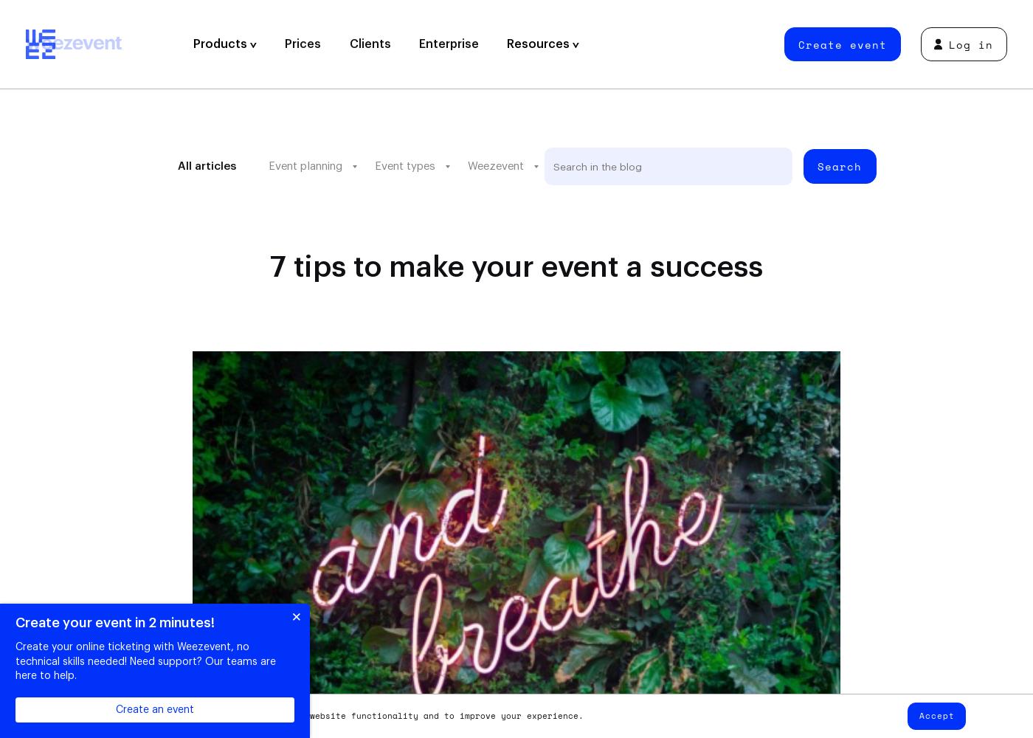 The image size is (1033, 738). Describe the element at coordinates (539, 44) in the screenshot. I see `'Resources'` at that location.